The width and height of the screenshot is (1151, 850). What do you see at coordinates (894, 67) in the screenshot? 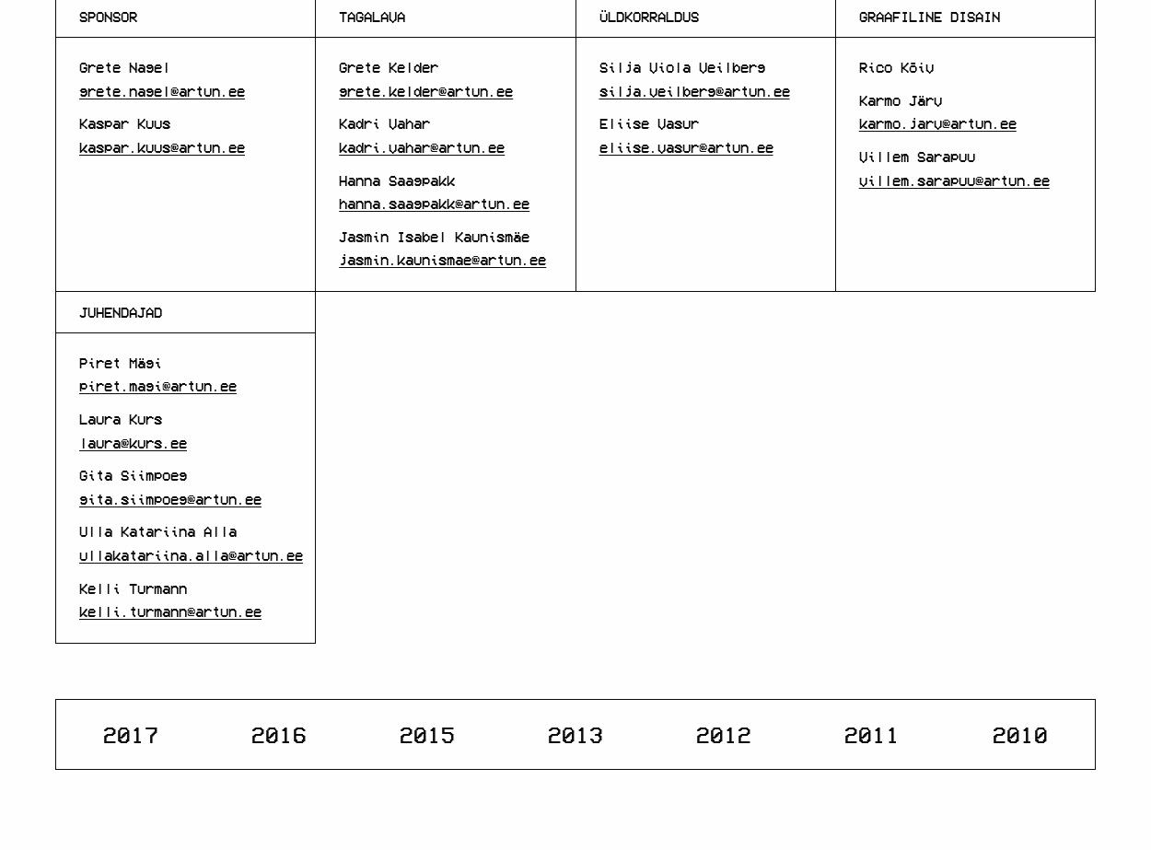
I see `'Rico Kõiv'` at bounding box center [894, 67].